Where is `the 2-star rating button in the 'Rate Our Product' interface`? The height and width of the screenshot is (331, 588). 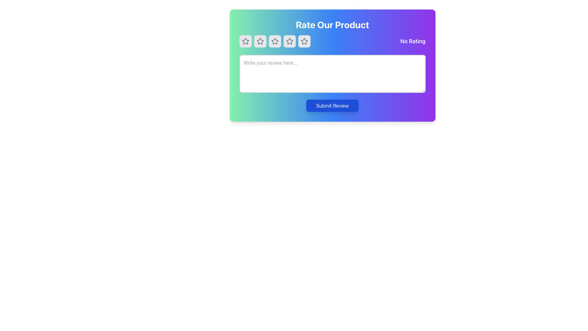 the 2-star rating button in the 'Rate Our Product' interface is located at coordinates (260, 41).